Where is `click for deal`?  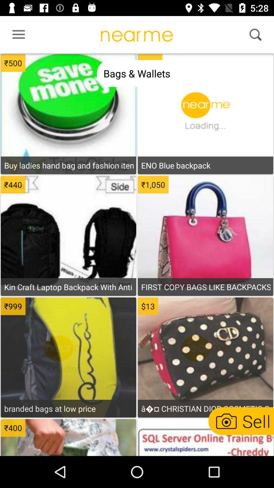
click for deal is located at coordinates (68, 92).